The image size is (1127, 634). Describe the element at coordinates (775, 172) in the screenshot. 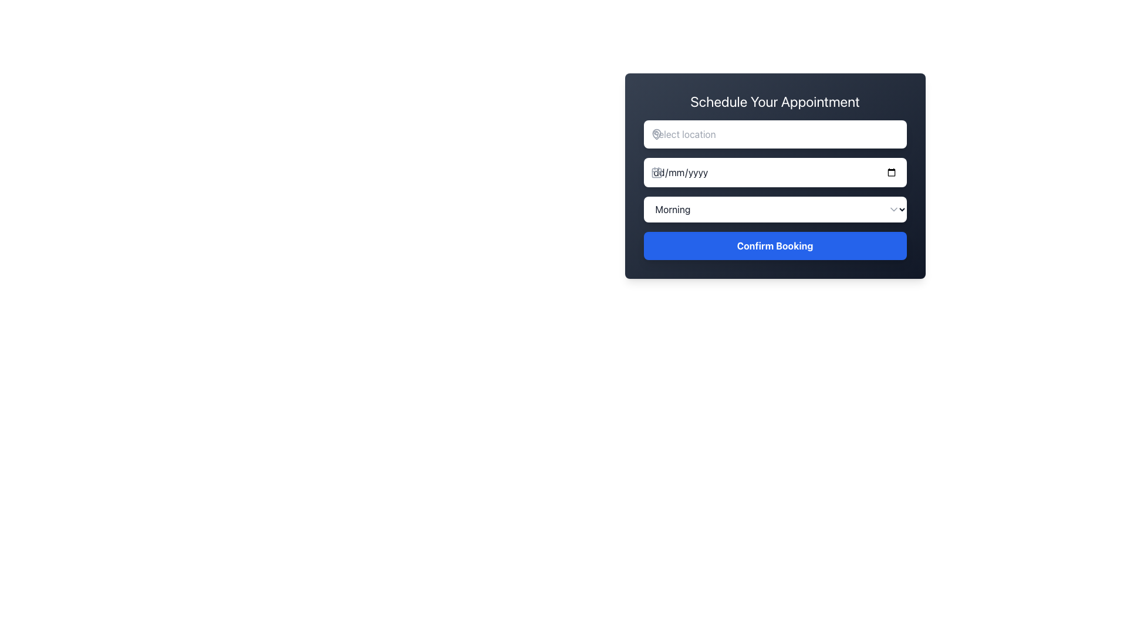

I see `the Date Input Field that allows date selection, which is located below the location input field and above the dropdown menu labeled 'Morning'` at that location.